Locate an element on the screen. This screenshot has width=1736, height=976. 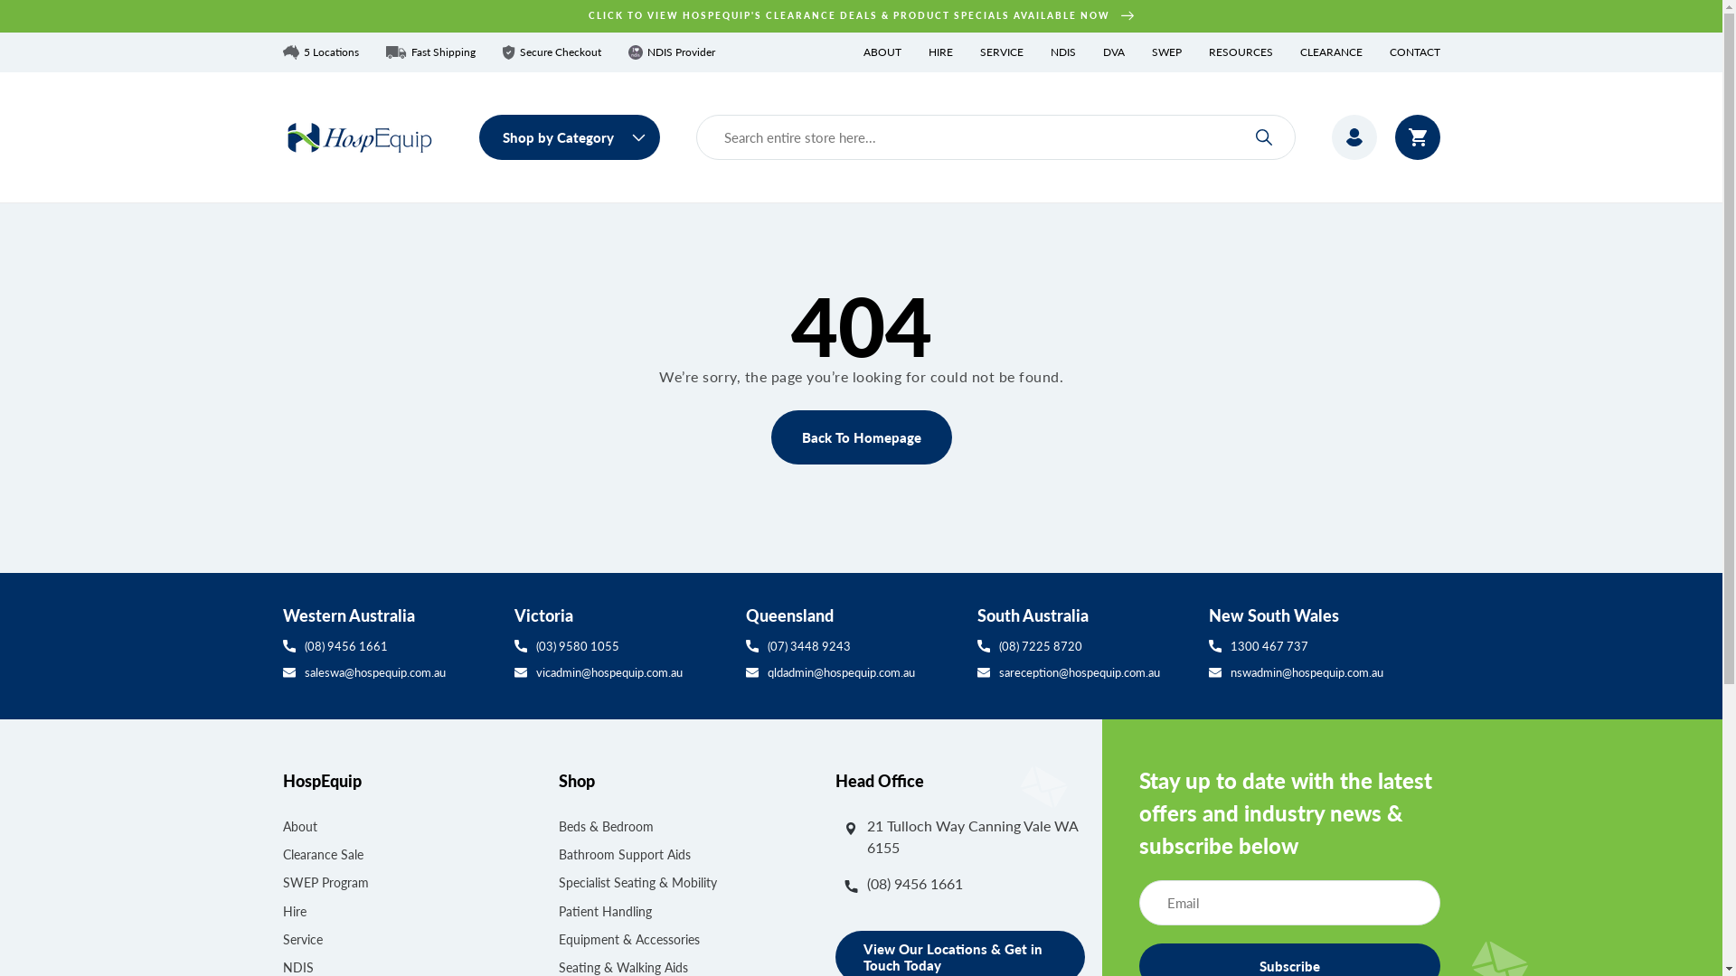
'SERVICE' is located at coordinates (1001, 51).